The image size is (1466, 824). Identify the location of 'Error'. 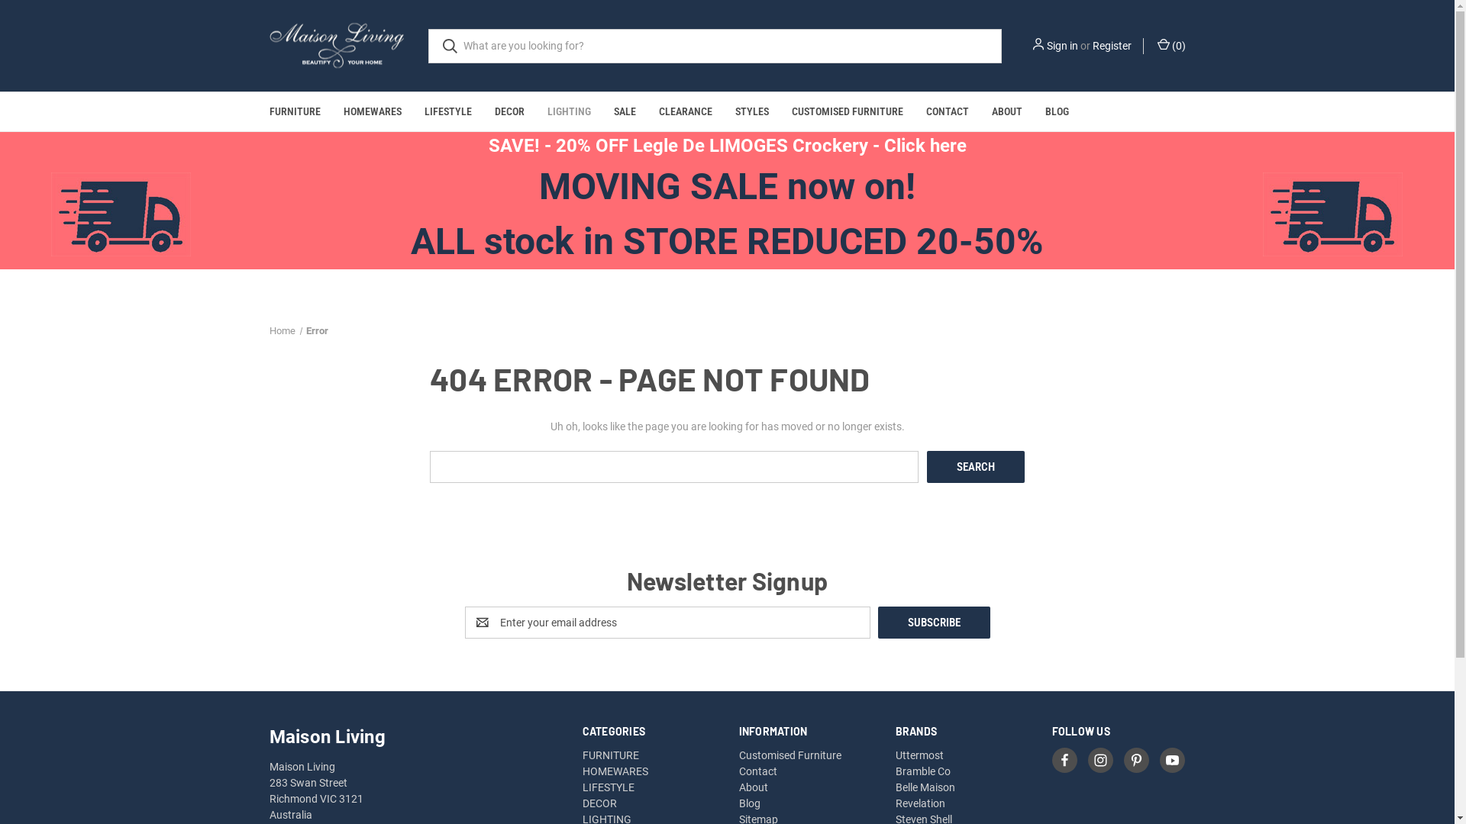
(316, 330).